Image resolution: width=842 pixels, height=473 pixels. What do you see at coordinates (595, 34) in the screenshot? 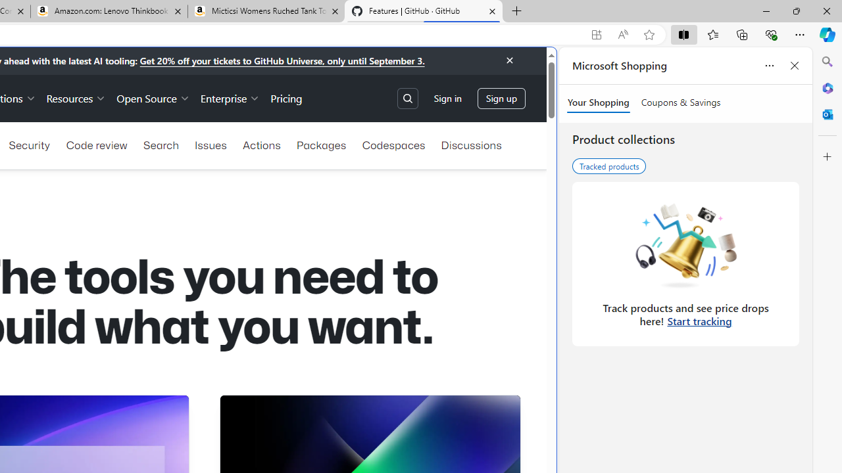
I see `'App available. Install '` at bounding box center [595, 34].